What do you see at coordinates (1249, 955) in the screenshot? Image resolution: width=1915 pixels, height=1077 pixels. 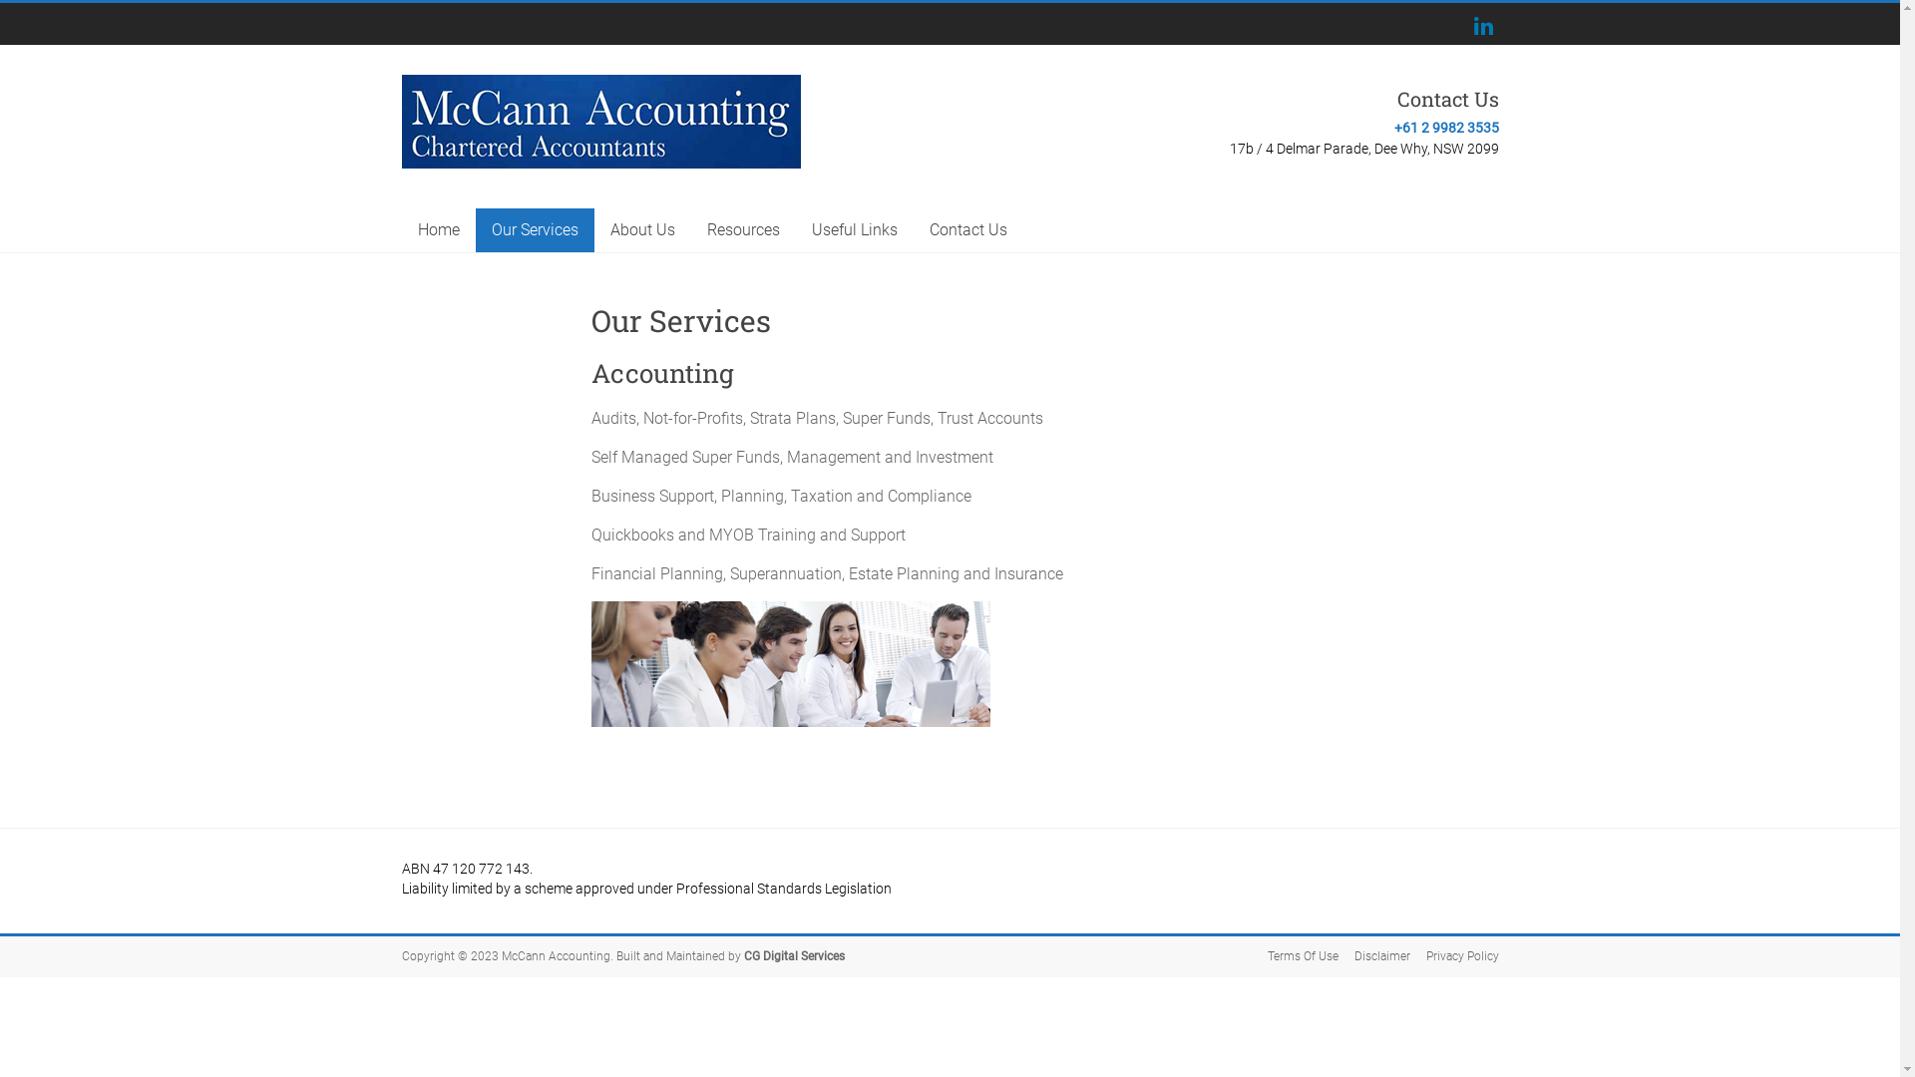 I see `'Terms Of Use'` at bounding box center [1249, 955].